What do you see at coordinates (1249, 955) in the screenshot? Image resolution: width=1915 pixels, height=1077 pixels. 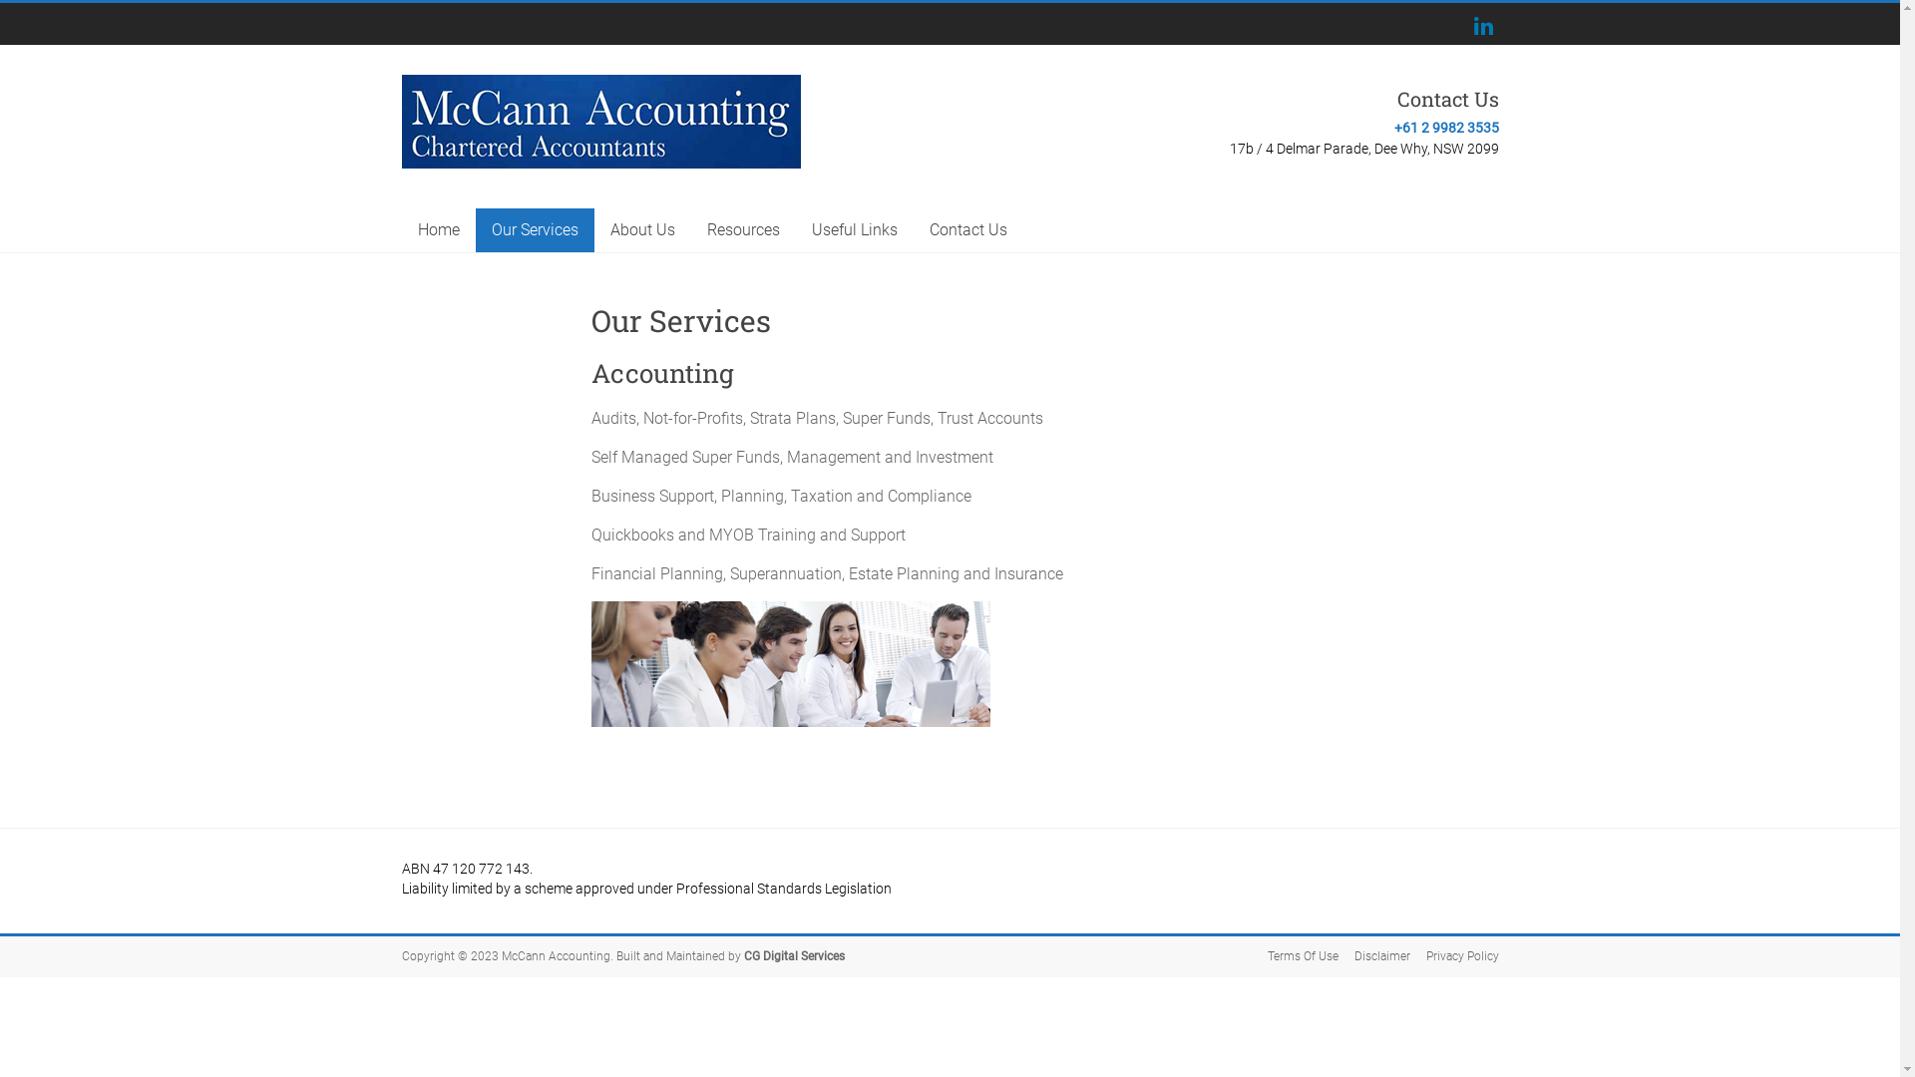 I see `'Terms Of Use'` at bounding box center [1249, 955].